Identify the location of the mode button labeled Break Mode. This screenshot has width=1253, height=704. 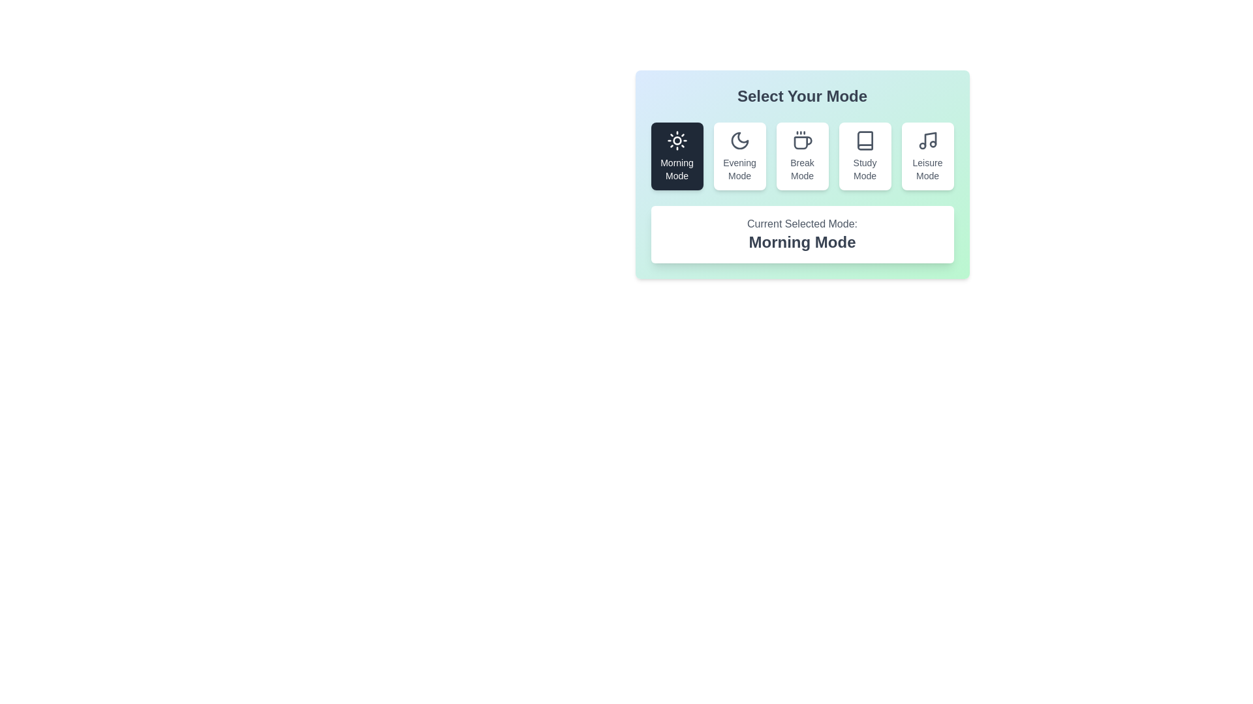
(801, 155).